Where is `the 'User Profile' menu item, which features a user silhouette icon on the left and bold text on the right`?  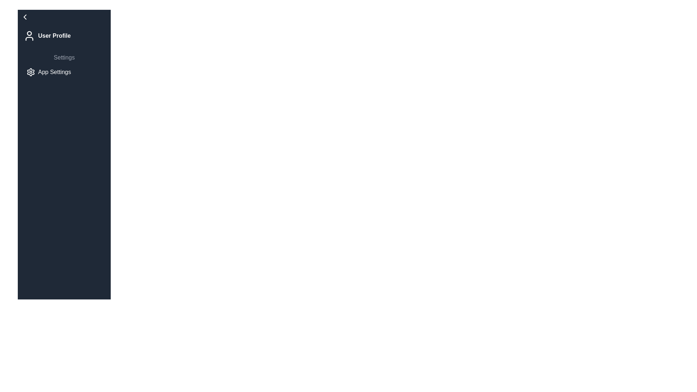
the 'User Profile' menu item, which features a user silhouette icon on the left and bold text on the right is located at coordinates (64, 36).